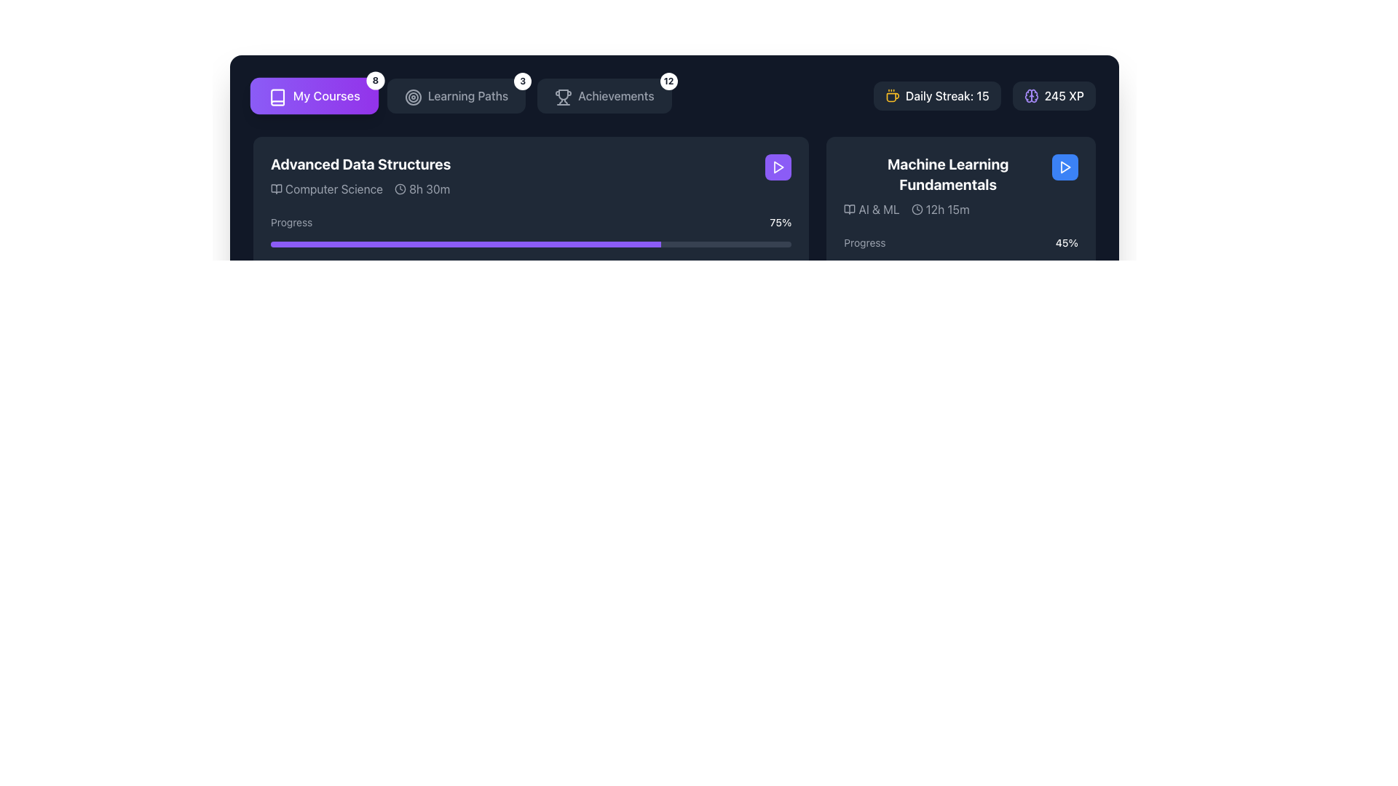  Describe the element at coordinates (1054, 95) in the screenshot. I see `the '245 XP' badge with a violet brain icon located in the 'Daily Streak' section, which is the second element in the segment` at that location.